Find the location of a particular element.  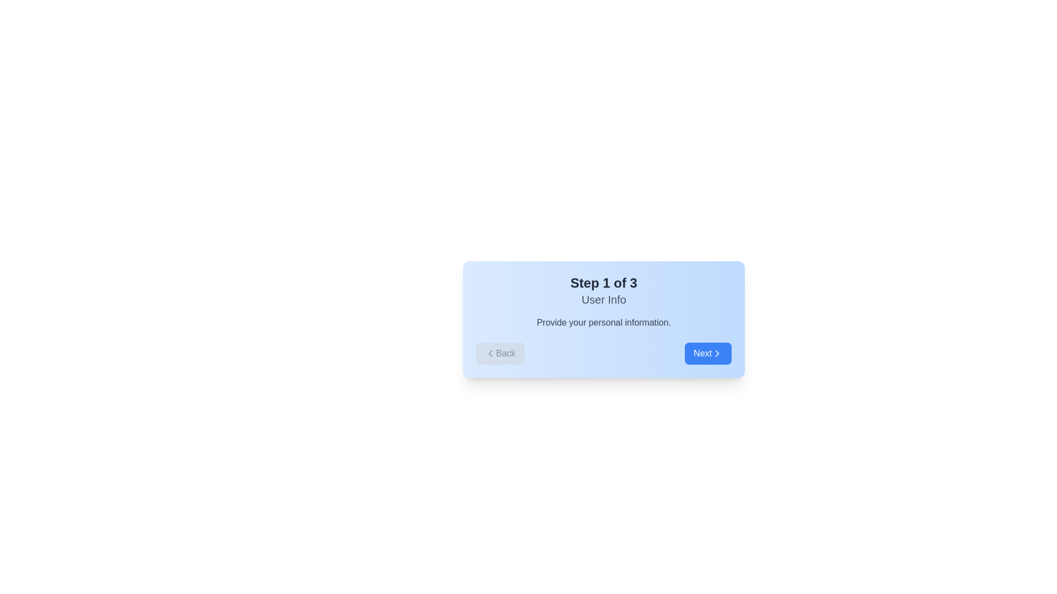

the Chevron Icon located to the right of the 'Next' button, which indicates forward navigation in a multi-step process is located at coordinates (717, 354).